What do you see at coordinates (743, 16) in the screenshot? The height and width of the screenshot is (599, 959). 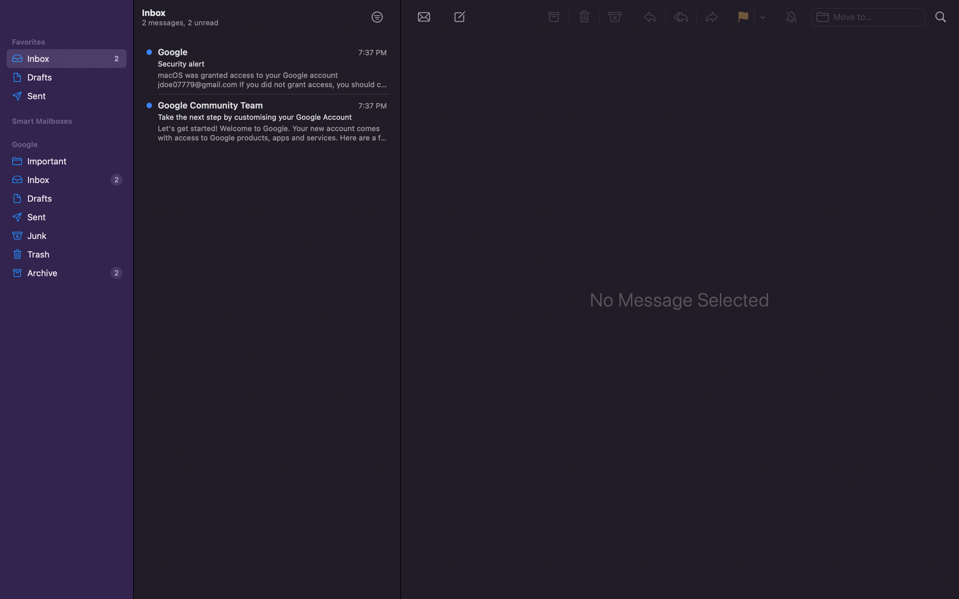 I see `Flag the selected message` at bounding box center [743, 16].